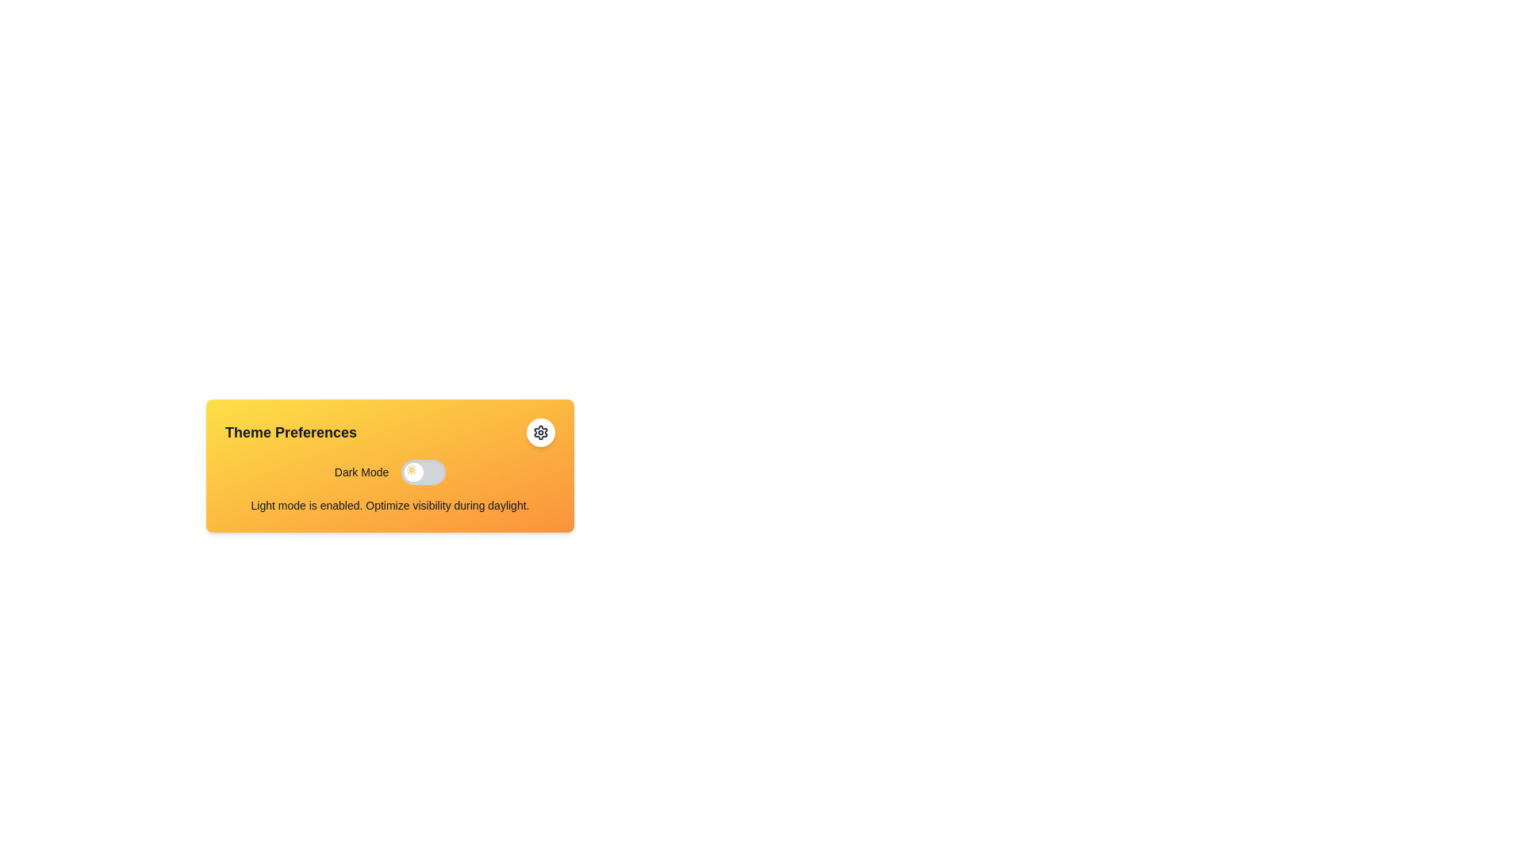  I want to click on the 'Dark Mode' label located in the 'Theme Preferences' section, which is styled in a bold serif typeface and positioned to the left of the toggle switch, so click(361, 472).